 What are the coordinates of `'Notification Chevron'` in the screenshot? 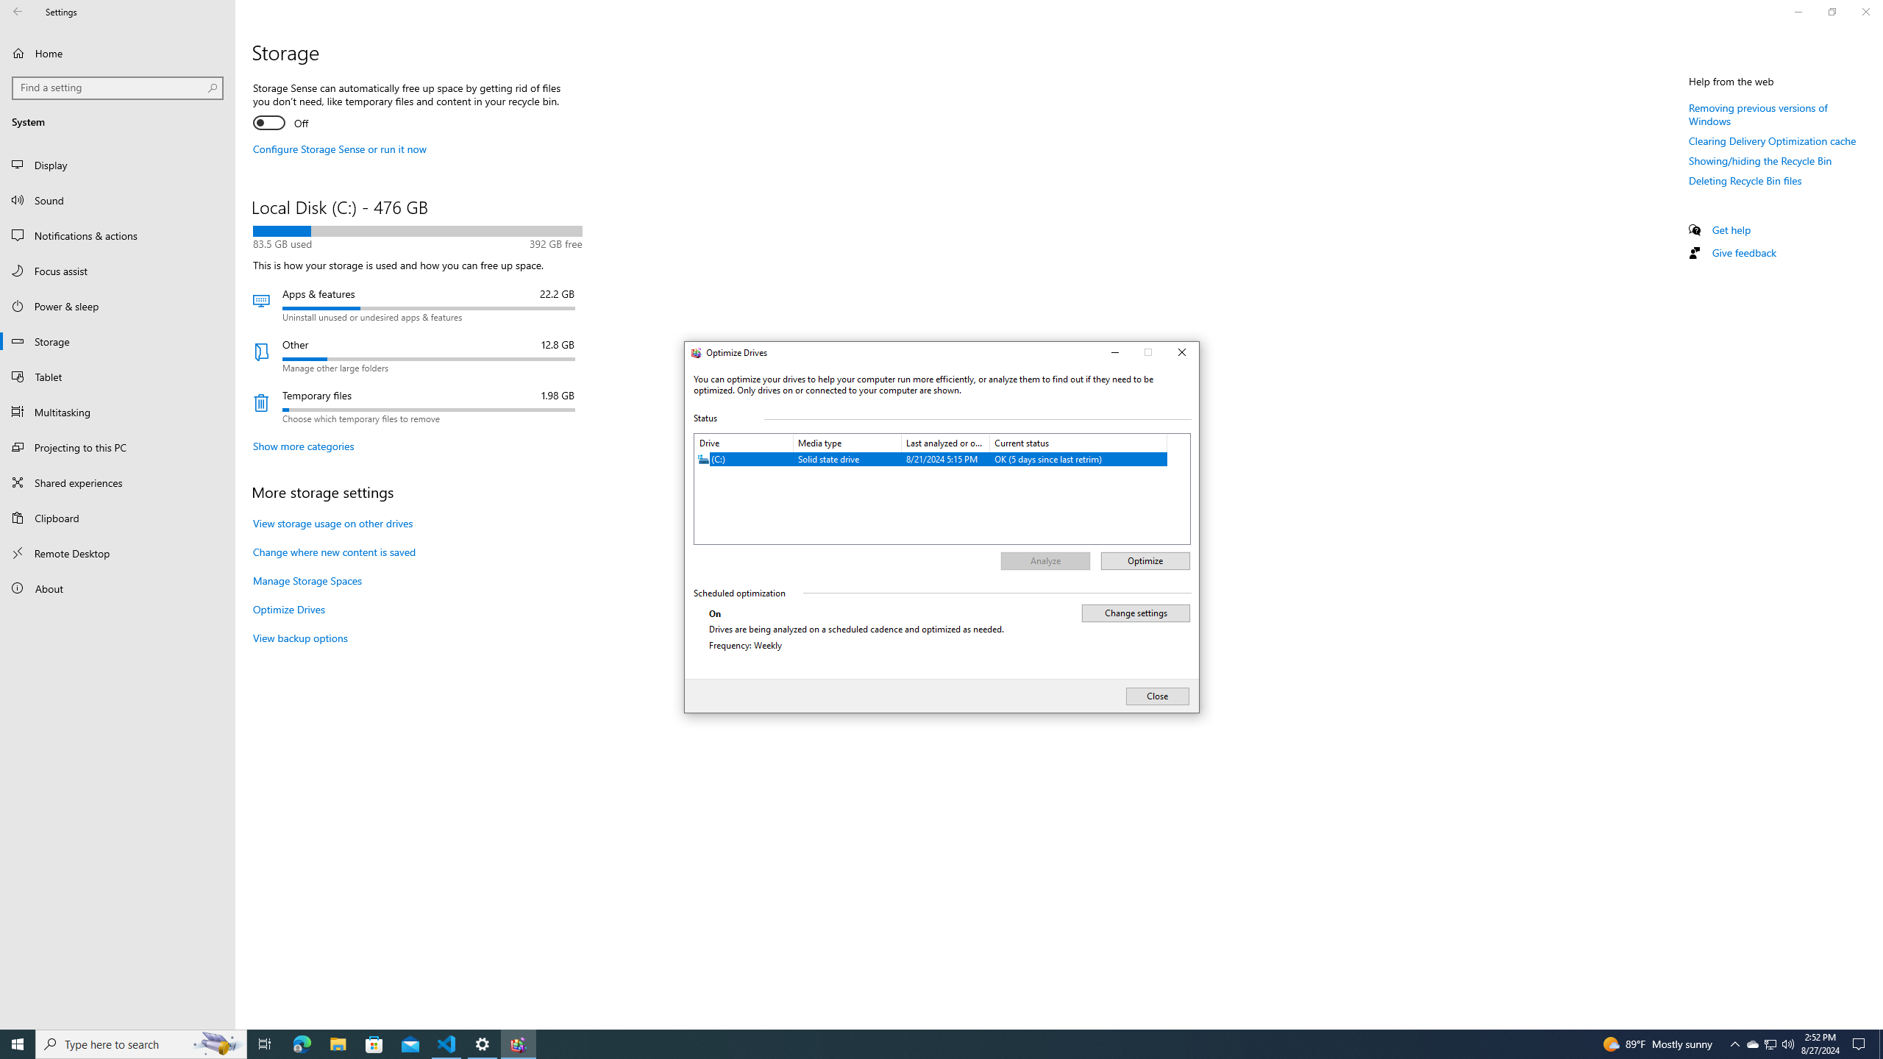 It's located at (1735, 1043).